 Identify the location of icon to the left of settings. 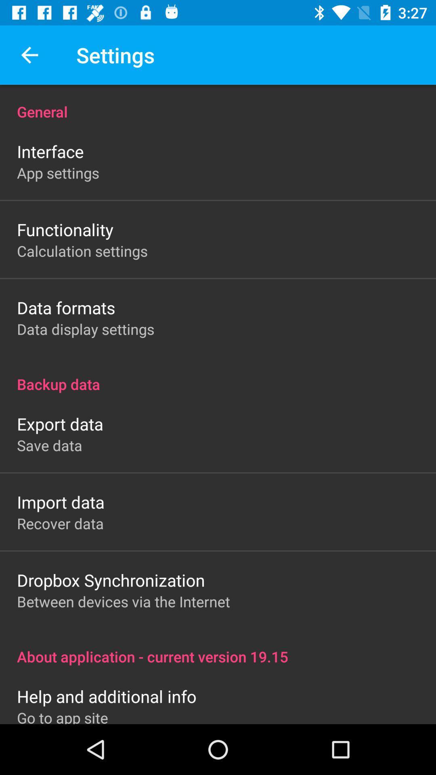
(29, 54).